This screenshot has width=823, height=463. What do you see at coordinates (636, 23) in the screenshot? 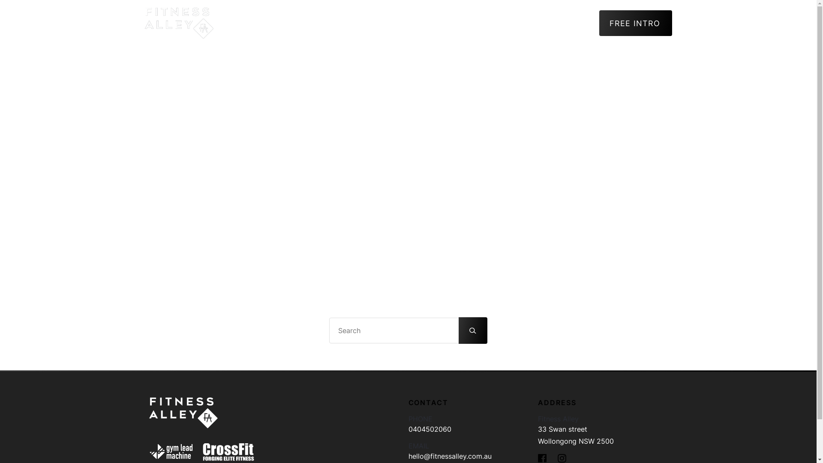
I see `'FREE INTRO'` at bounding box center [636, 23].